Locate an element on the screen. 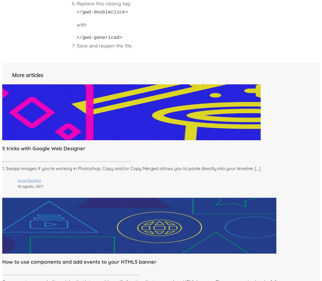  'Jorge Ramírez' is located at coordinates (17, 180).